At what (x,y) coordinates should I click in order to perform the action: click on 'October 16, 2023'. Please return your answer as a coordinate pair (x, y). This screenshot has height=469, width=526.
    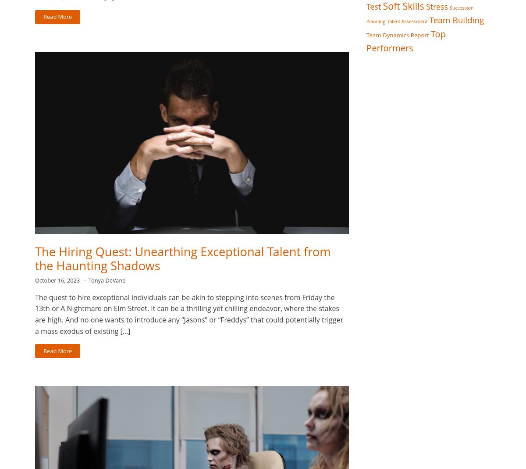
    Looking at the image, I should click on (58, 280).